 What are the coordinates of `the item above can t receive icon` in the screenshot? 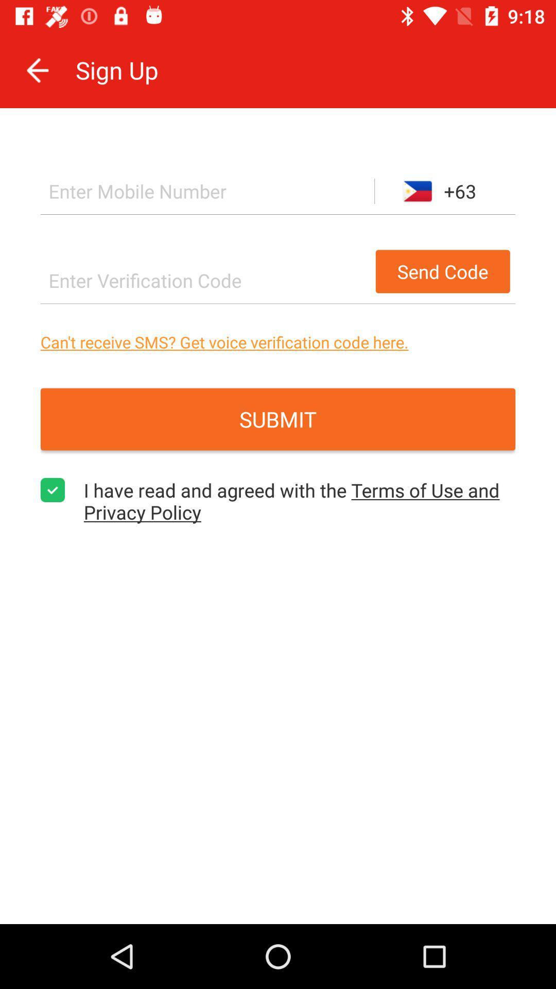 It's located at (205, 280).